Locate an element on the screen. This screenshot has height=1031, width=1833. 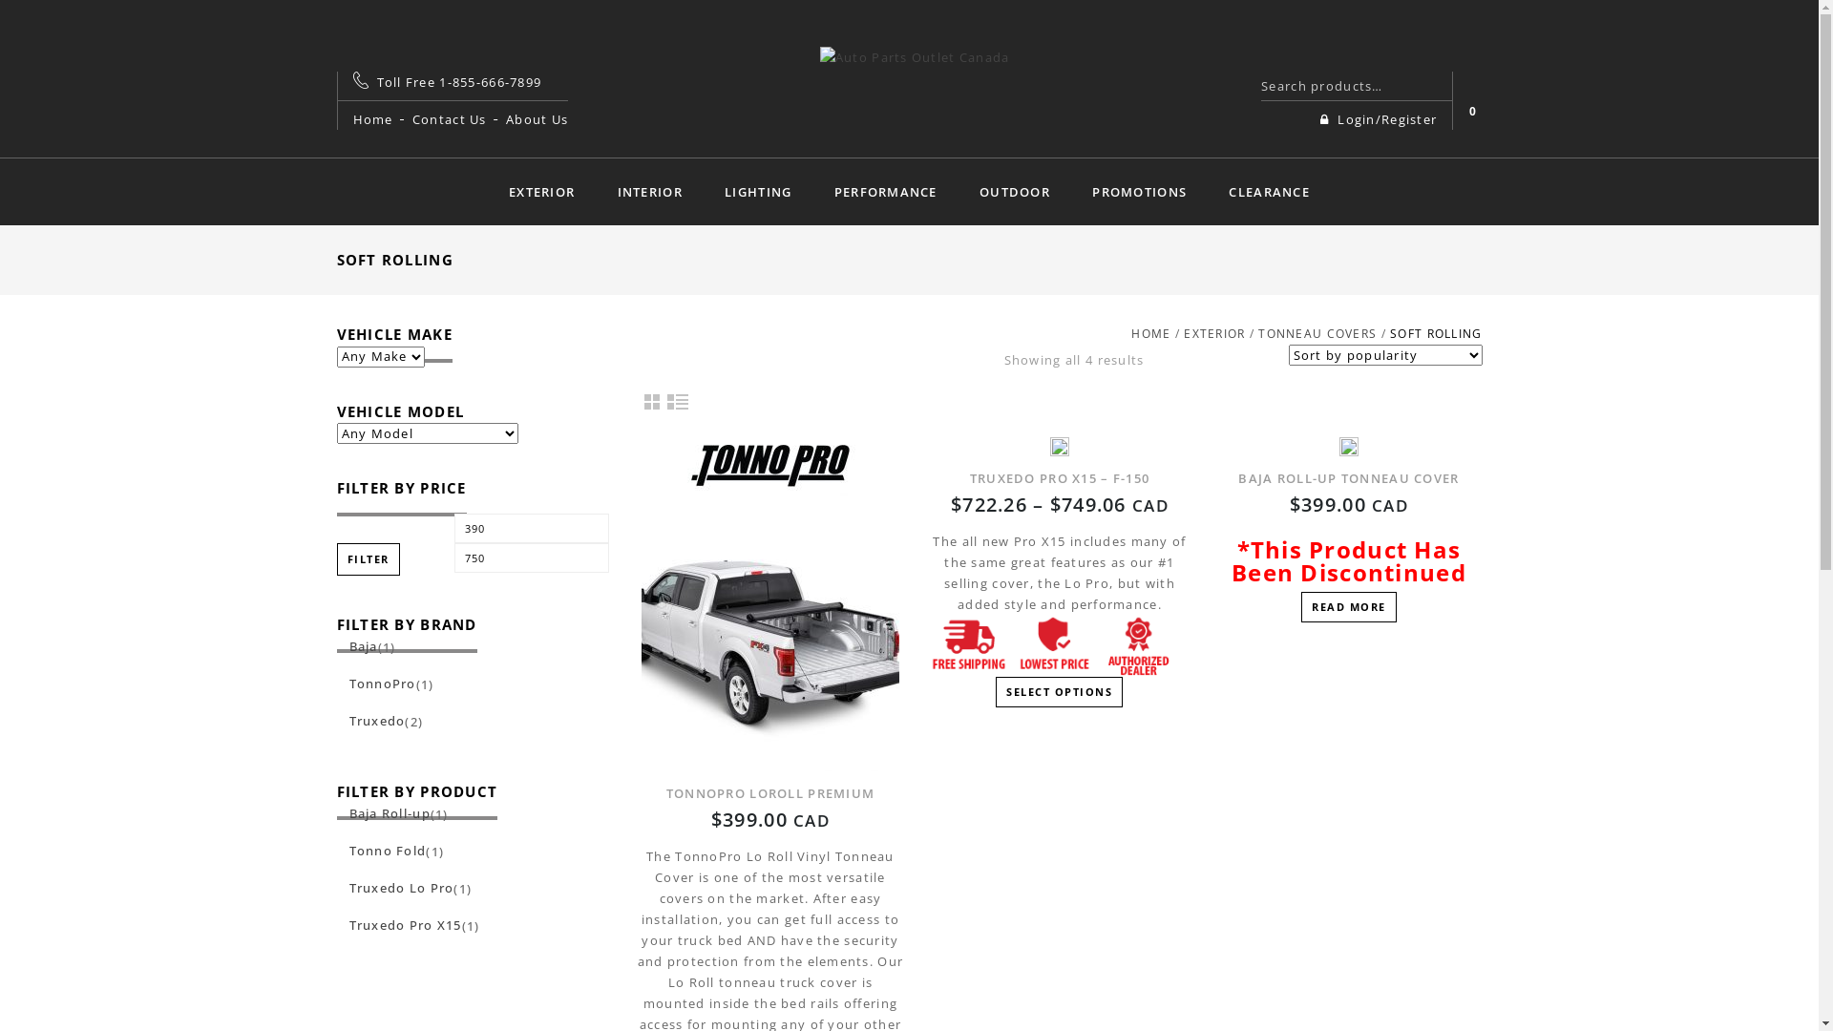
'SELECT OPTIONS' is located at coordinates (1058, 692).